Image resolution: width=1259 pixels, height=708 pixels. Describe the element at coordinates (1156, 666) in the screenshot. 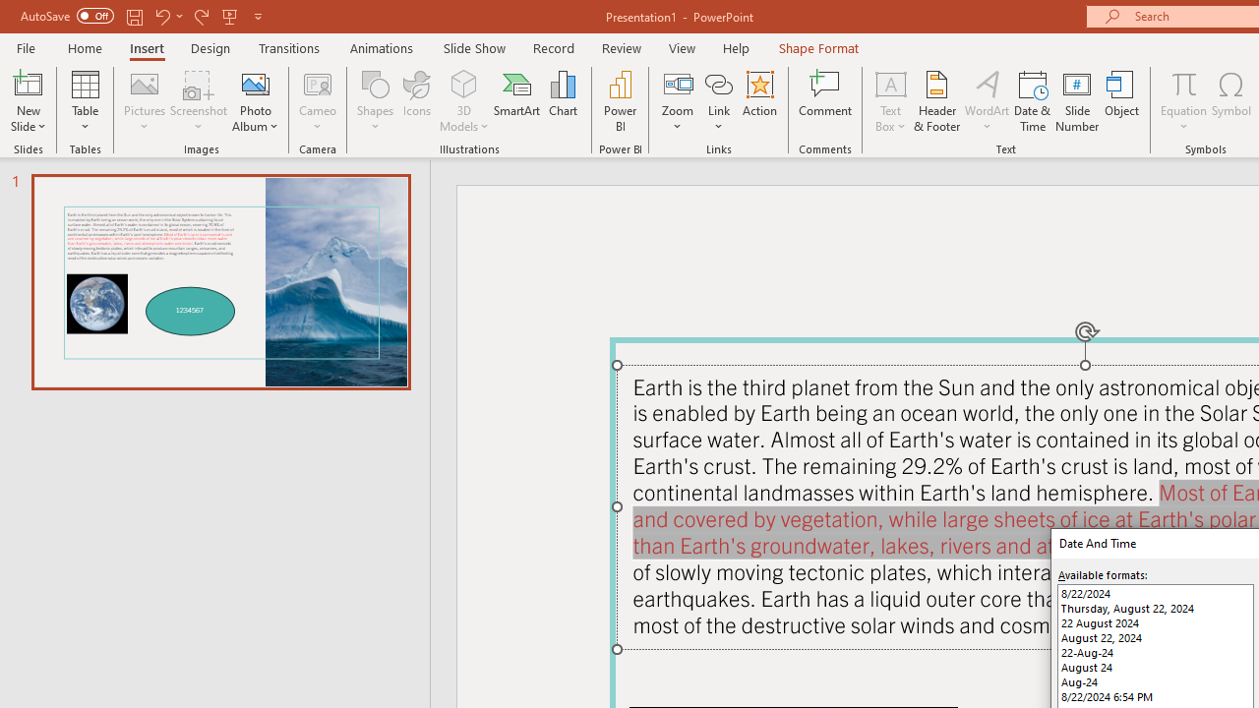

I see `'August 24'` at that location.